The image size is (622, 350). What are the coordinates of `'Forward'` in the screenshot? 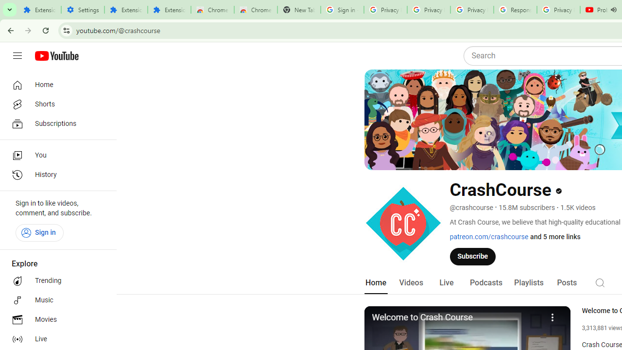 It's located at (28, 30).